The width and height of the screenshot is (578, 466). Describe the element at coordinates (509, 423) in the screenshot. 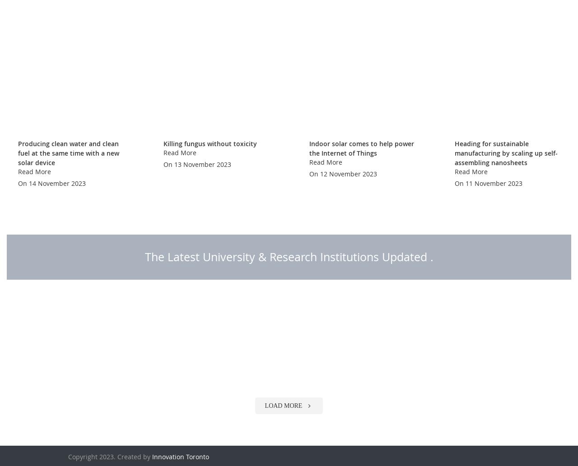

I see `'Argonne National Laboratory'` at that location.